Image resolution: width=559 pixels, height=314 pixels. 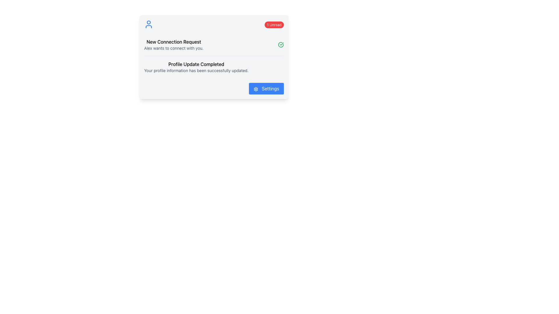 I want to click on the static notification text that informs the user about the successful update of their profile information, so click(x=196, y=67).